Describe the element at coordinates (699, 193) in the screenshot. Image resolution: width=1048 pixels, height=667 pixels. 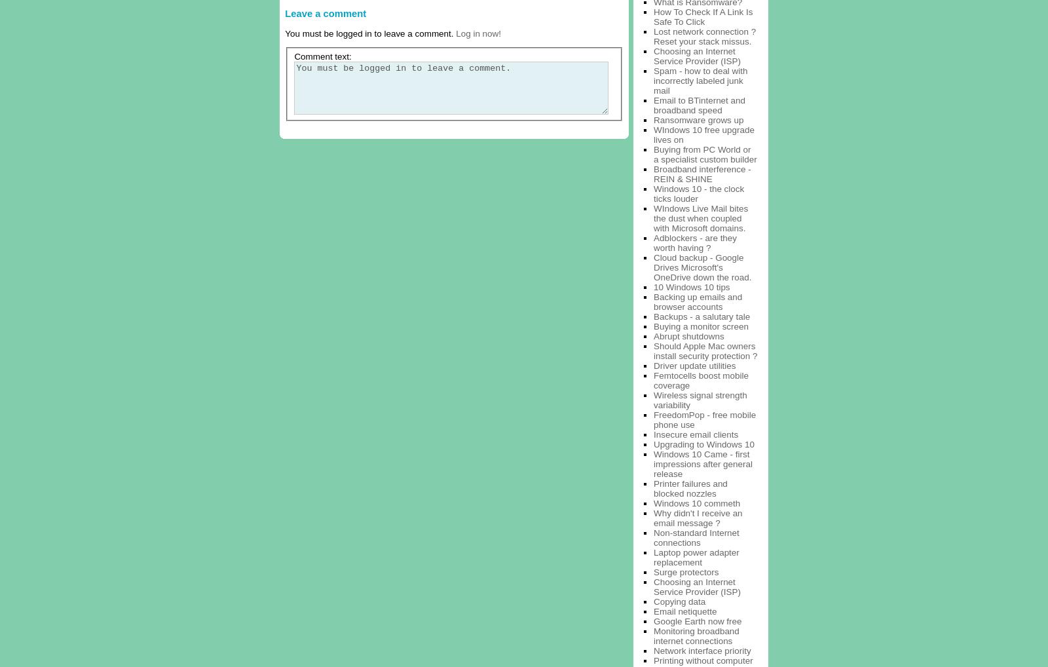
I see `'Windows 10 - the clock ticks louder'` at that location.